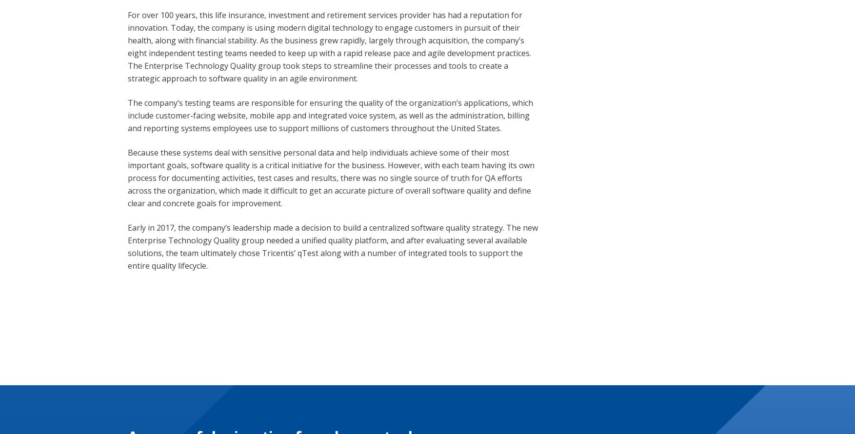 The height and width of the screenshot is (434, 855). I want to click on 'Contact us', so click(553, 368).